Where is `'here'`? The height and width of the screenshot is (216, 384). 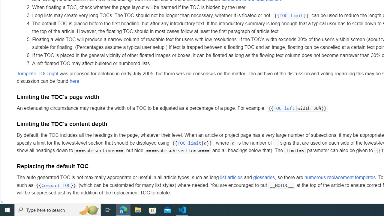 'here' is located at coordinates (74, 81).